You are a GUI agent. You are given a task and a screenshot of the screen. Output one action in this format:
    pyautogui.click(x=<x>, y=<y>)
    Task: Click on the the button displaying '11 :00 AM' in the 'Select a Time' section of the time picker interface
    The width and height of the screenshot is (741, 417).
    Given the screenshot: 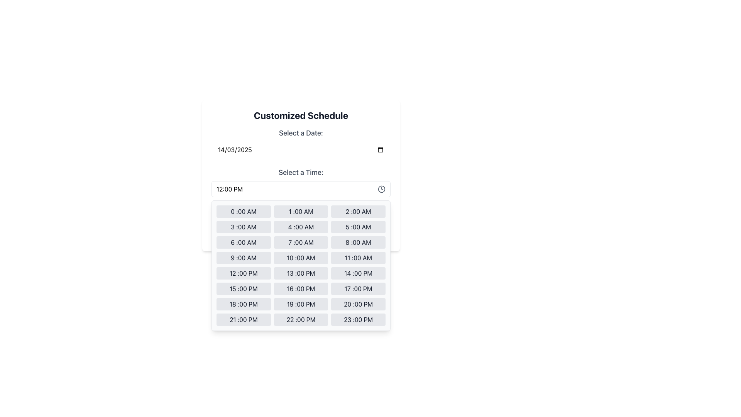 What is the action you would take?
    pyautogui.click(x=358, y=258)
    